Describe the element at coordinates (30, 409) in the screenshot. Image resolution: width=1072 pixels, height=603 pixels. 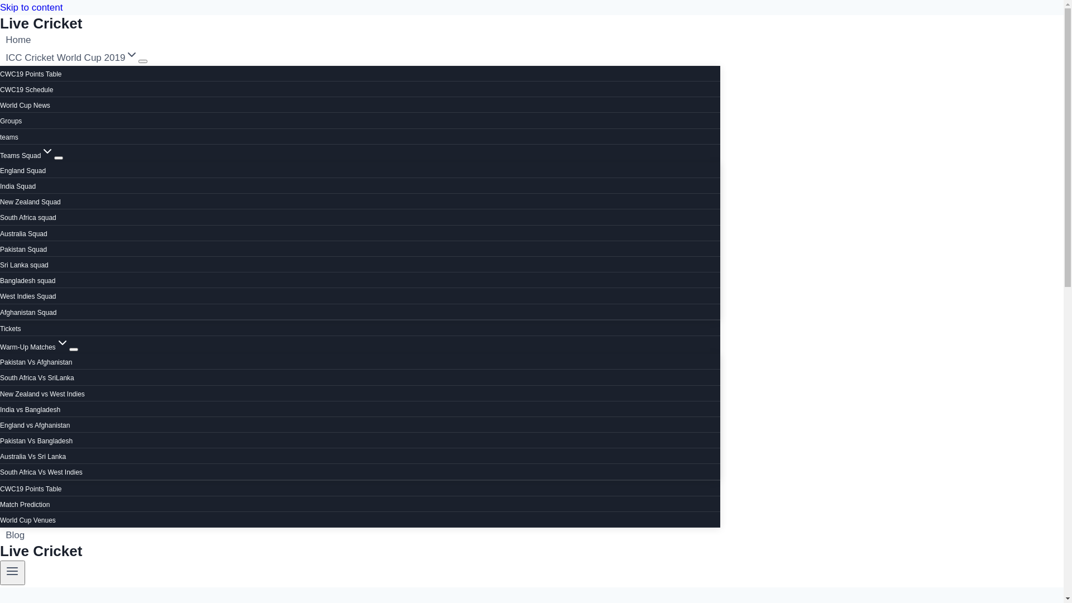
I see `'India vs Bangladesh'` at that location.